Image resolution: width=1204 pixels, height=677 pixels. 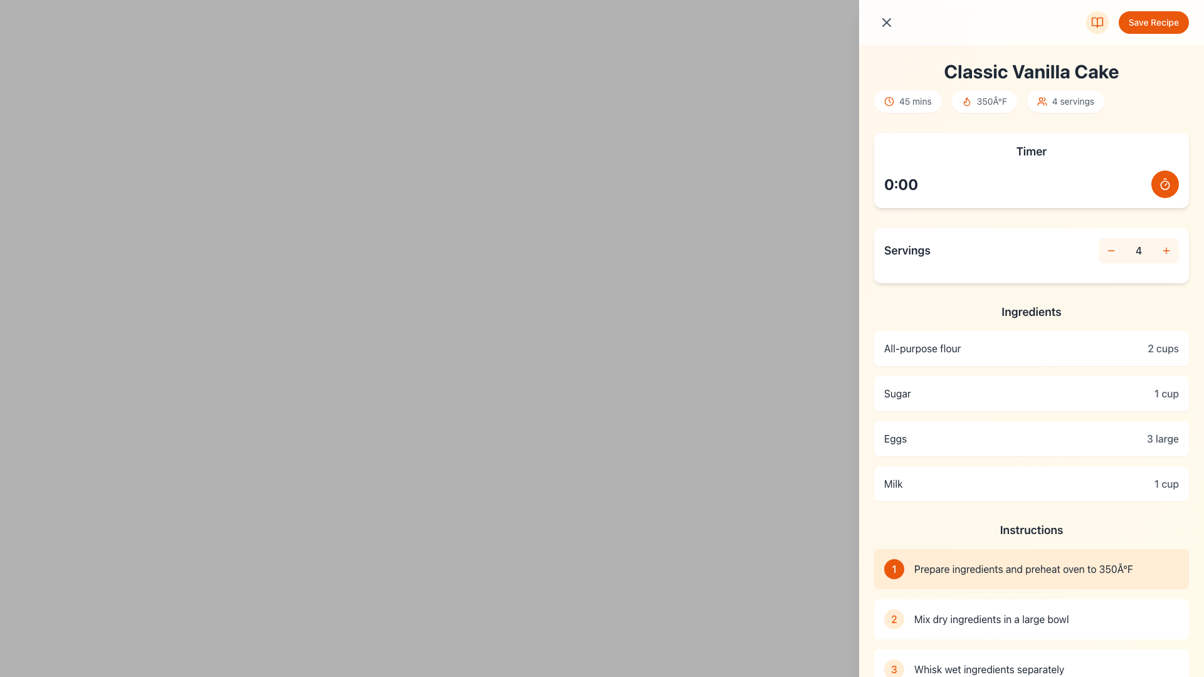 What do you see at coordinates (1111, 251) in the screenshot?
I see `the icon button featuring a minus sign, located in the 'Servings' adjustment section to decrease the serving count` at bounding box center [1111, 251].